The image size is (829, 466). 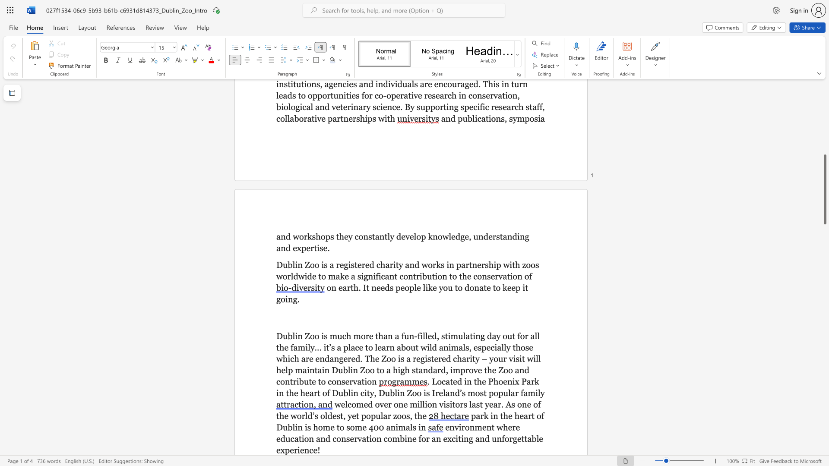 I want to click on the subset text "d conservation combine for an exciting and unforgettab" within the text "environment where education and conservation combine for an exciting and unforgettable experience!", so click(x=325, y=438).